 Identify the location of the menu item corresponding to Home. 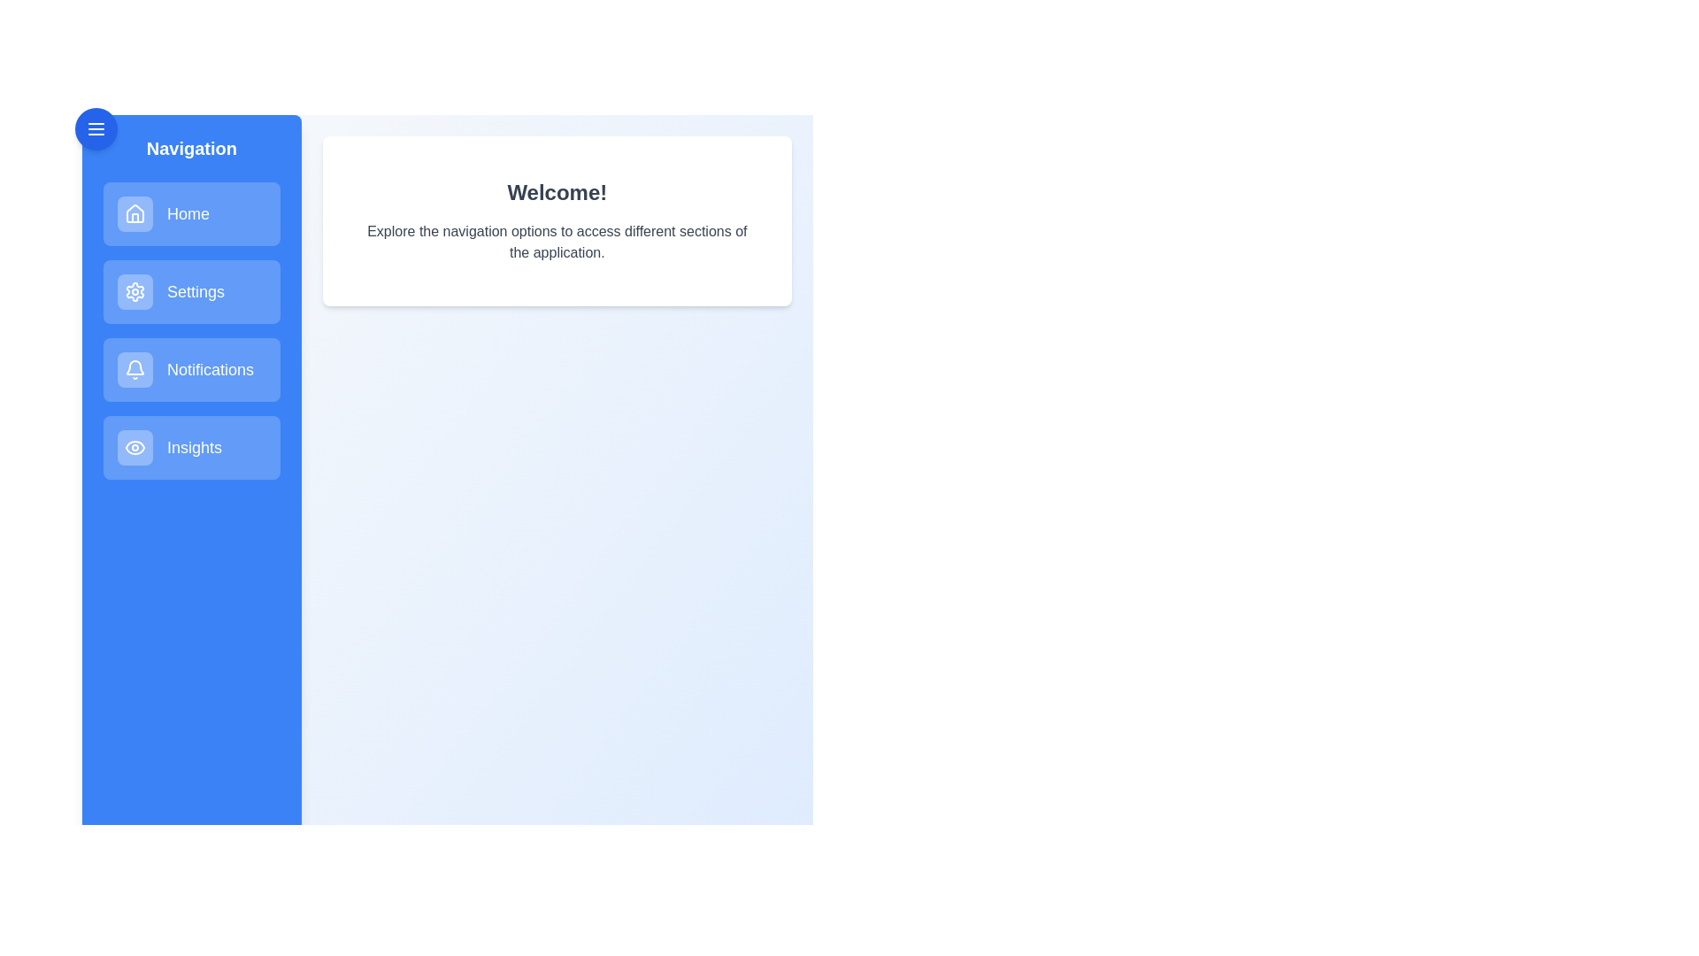
(191, 213).